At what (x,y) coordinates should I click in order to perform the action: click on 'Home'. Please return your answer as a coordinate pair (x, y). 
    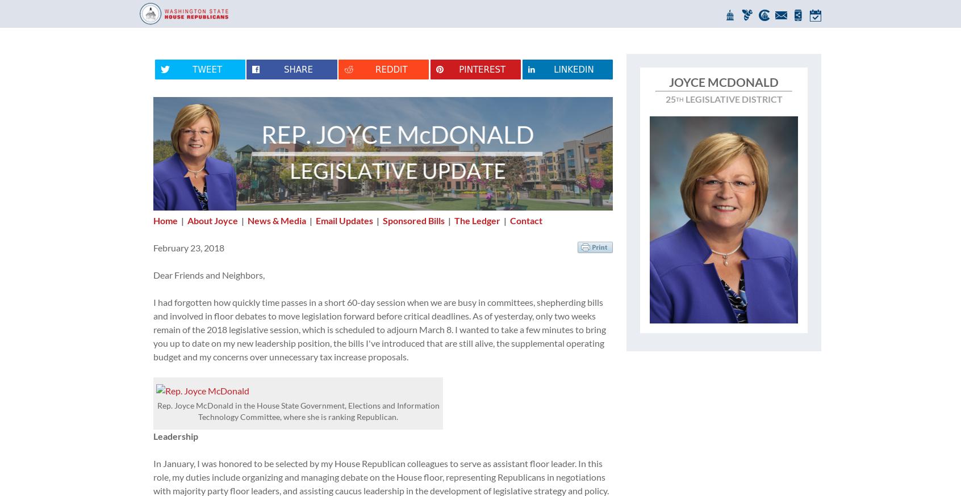
    Looking at the image, I should click on (153, 220).